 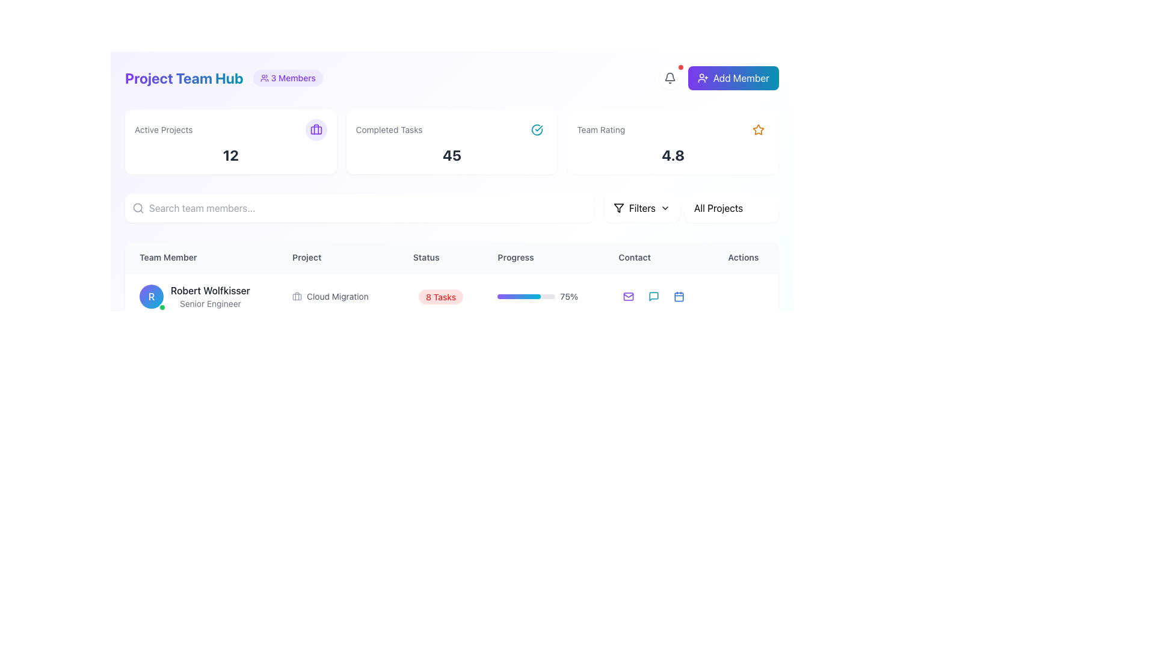 I want to click on the filtering icon, which represents the functionality of narrowing data or choices based on selected criteria, located in the top left of the 'Filters' section, so click(x=618, y=208).